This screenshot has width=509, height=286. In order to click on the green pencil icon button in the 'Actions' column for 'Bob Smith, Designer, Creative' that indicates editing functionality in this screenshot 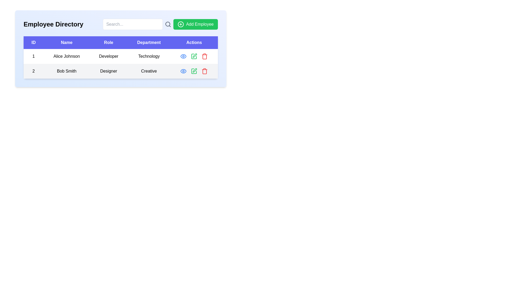, I will do `click(194, 71)`.